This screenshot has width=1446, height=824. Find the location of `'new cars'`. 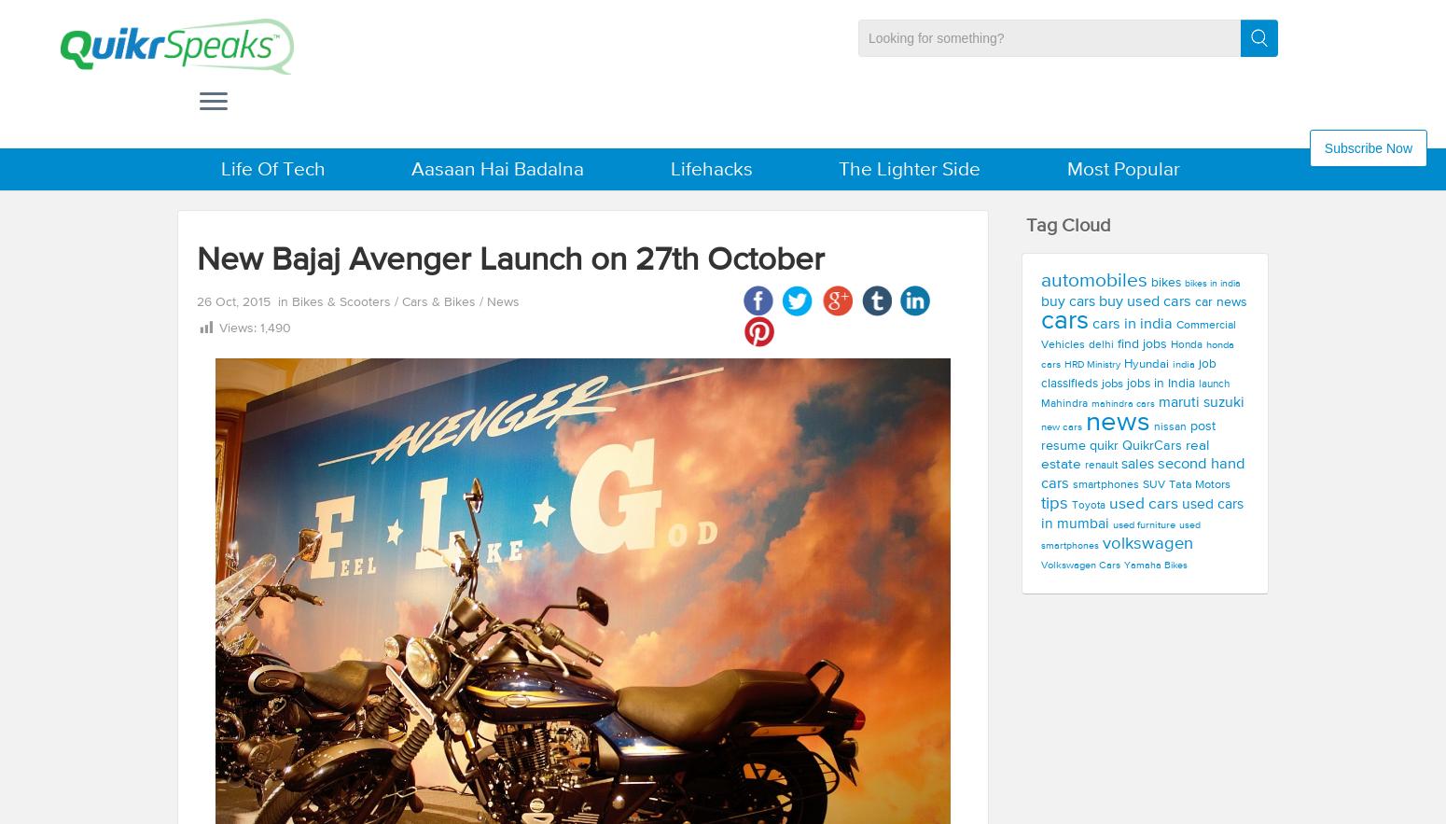

'new cars' is located at coordinates (1061, 426).